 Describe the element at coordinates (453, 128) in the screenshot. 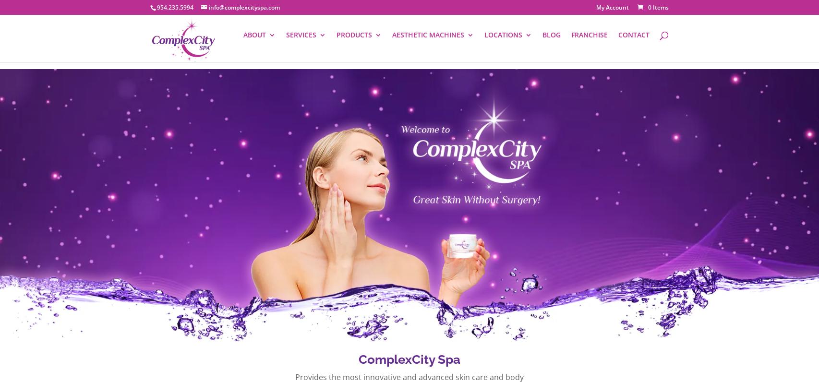

I see `'LASER TREATMENTS'` at that location.